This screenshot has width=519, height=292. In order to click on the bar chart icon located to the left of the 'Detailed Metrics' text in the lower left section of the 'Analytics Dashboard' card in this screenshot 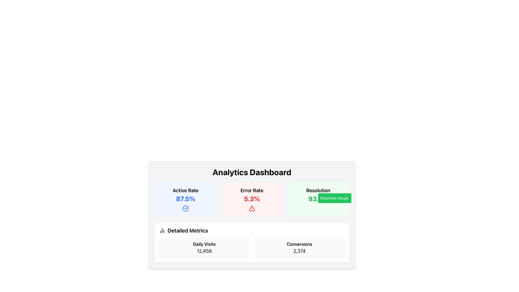, I will do `click(162, 230)`.